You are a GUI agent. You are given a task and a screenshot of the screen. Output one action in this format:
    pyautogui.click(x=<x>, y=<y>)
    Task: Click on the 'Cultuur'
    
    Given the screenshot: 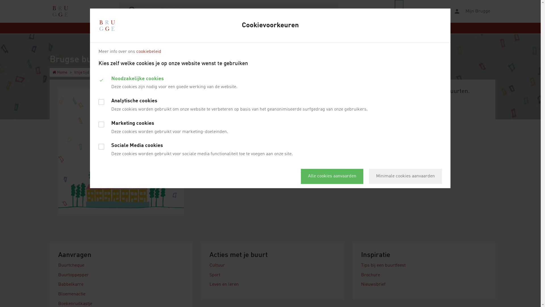 What is the action you would take?
    pyautogui.click(x=217, y=265)
    